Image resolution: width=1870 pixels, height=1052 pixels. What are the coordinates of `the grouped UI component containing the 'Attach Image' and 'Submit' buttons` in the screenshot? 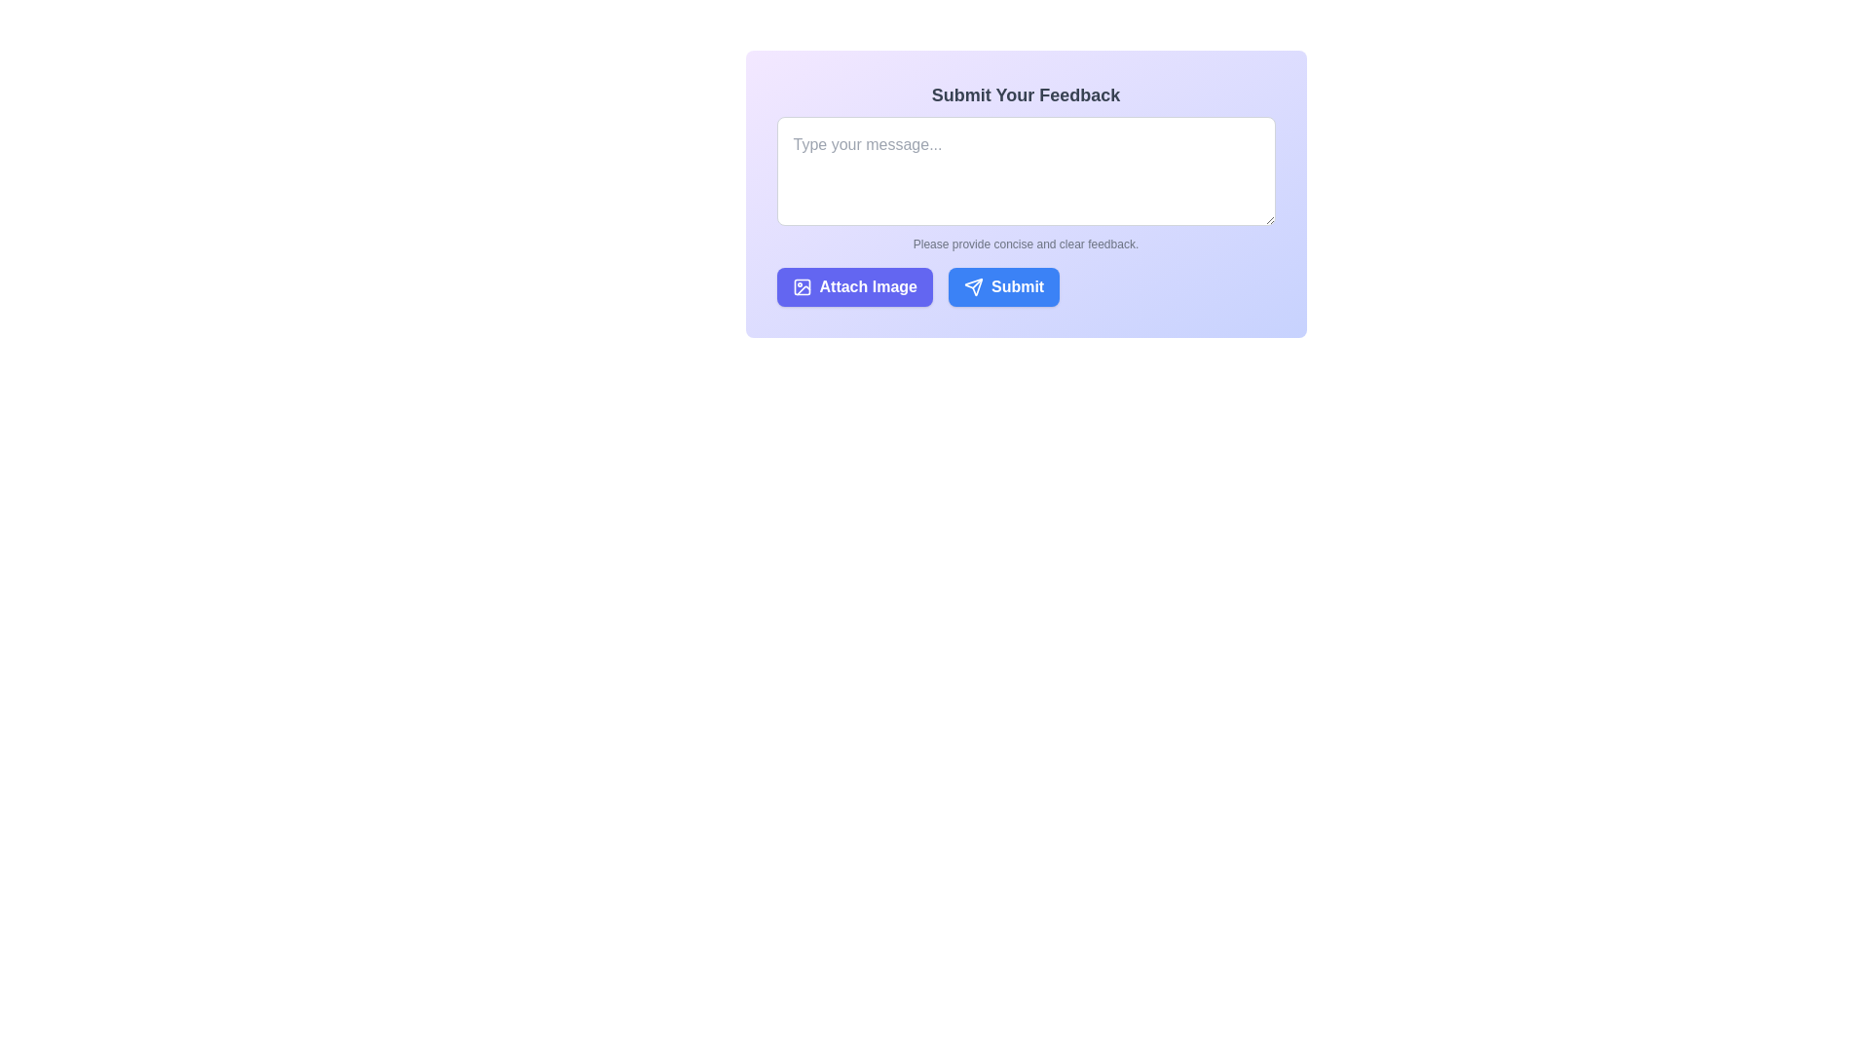 It's located at (1025, 286).